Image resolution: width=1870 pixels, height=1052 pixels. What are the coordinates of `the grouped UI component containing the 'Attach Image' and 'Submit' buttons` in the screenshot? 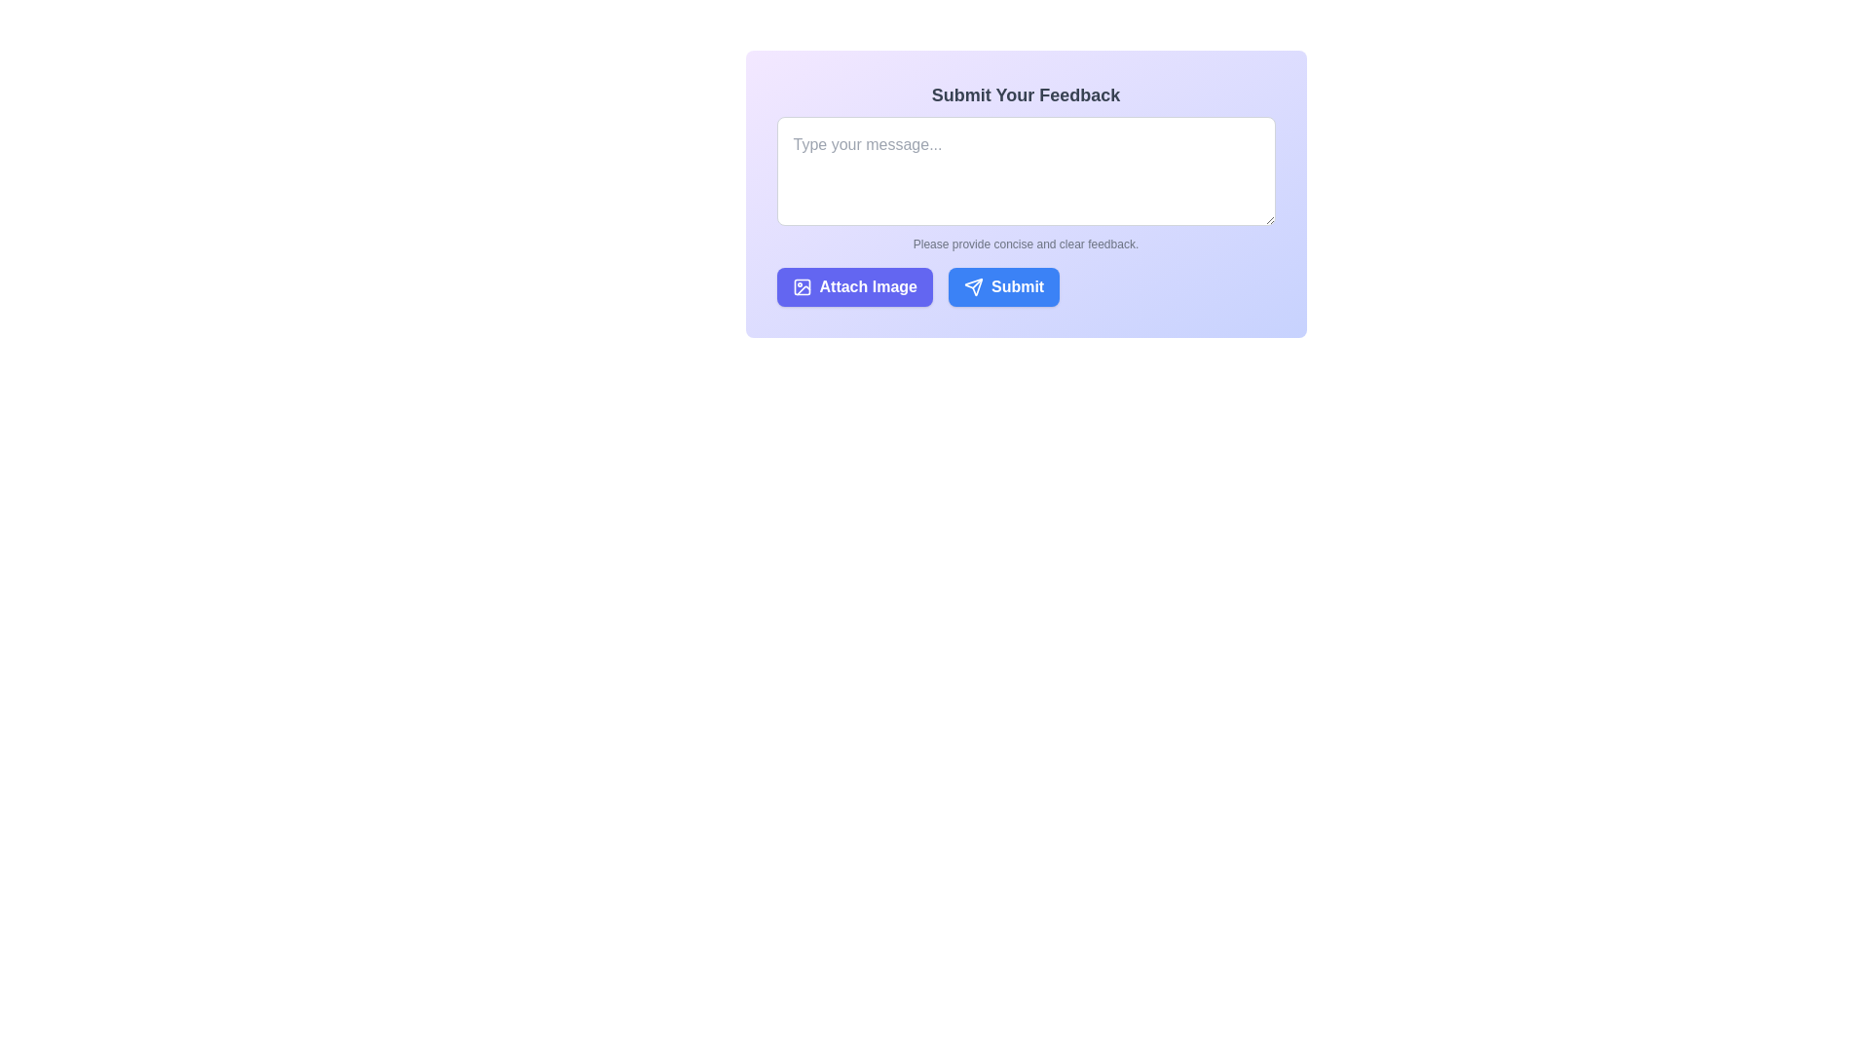 It's located at (1025, 286).